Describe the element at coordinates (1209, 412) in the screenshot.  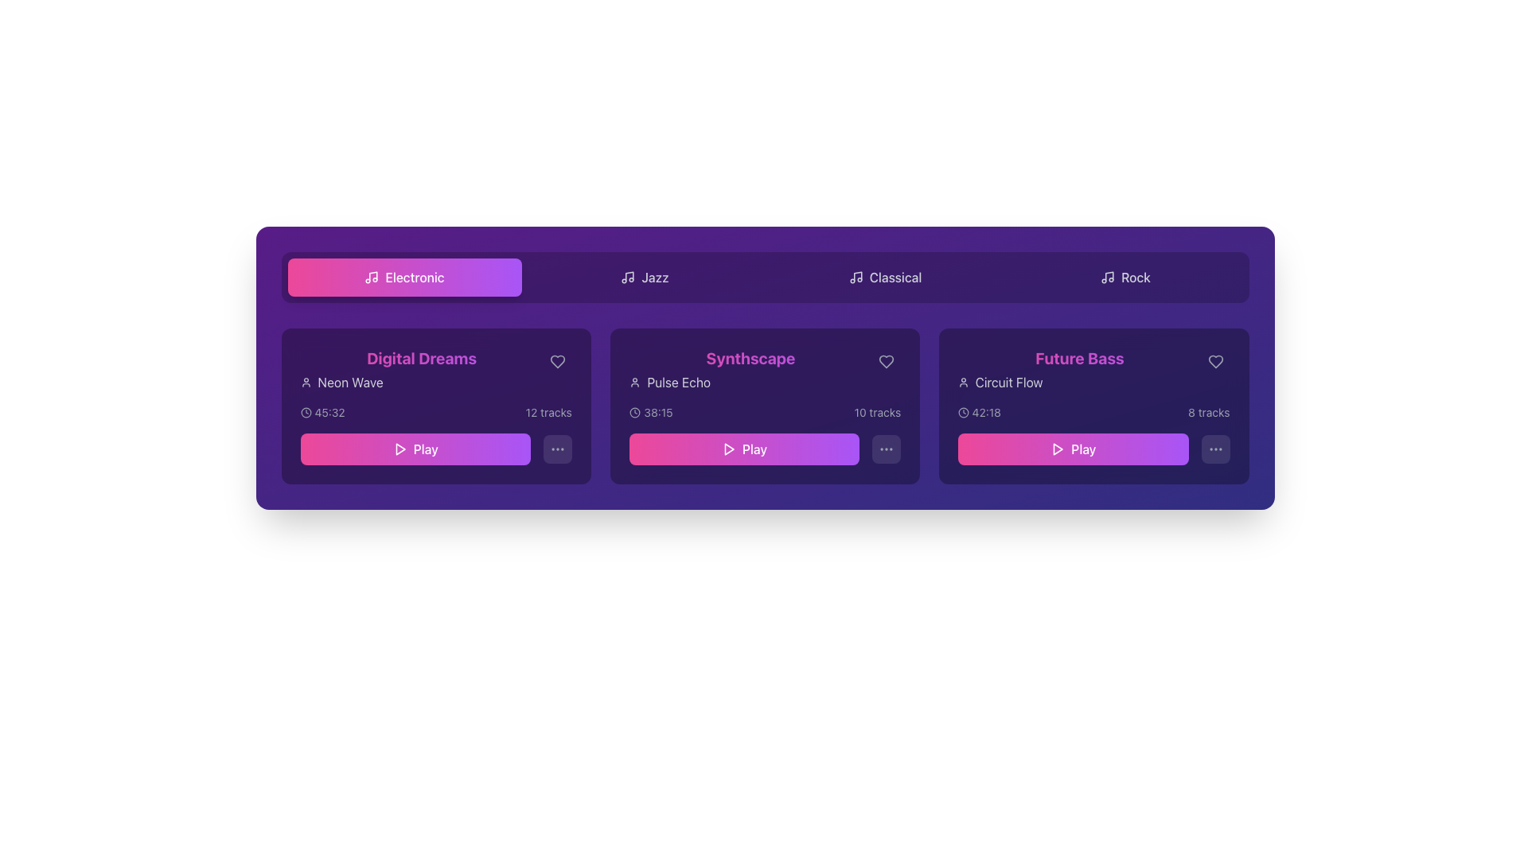
I see `the text label that indicates the number of tracks available in the associated music item or playlist, located at the bottom right corner of the horizontal group of elements` at that location.